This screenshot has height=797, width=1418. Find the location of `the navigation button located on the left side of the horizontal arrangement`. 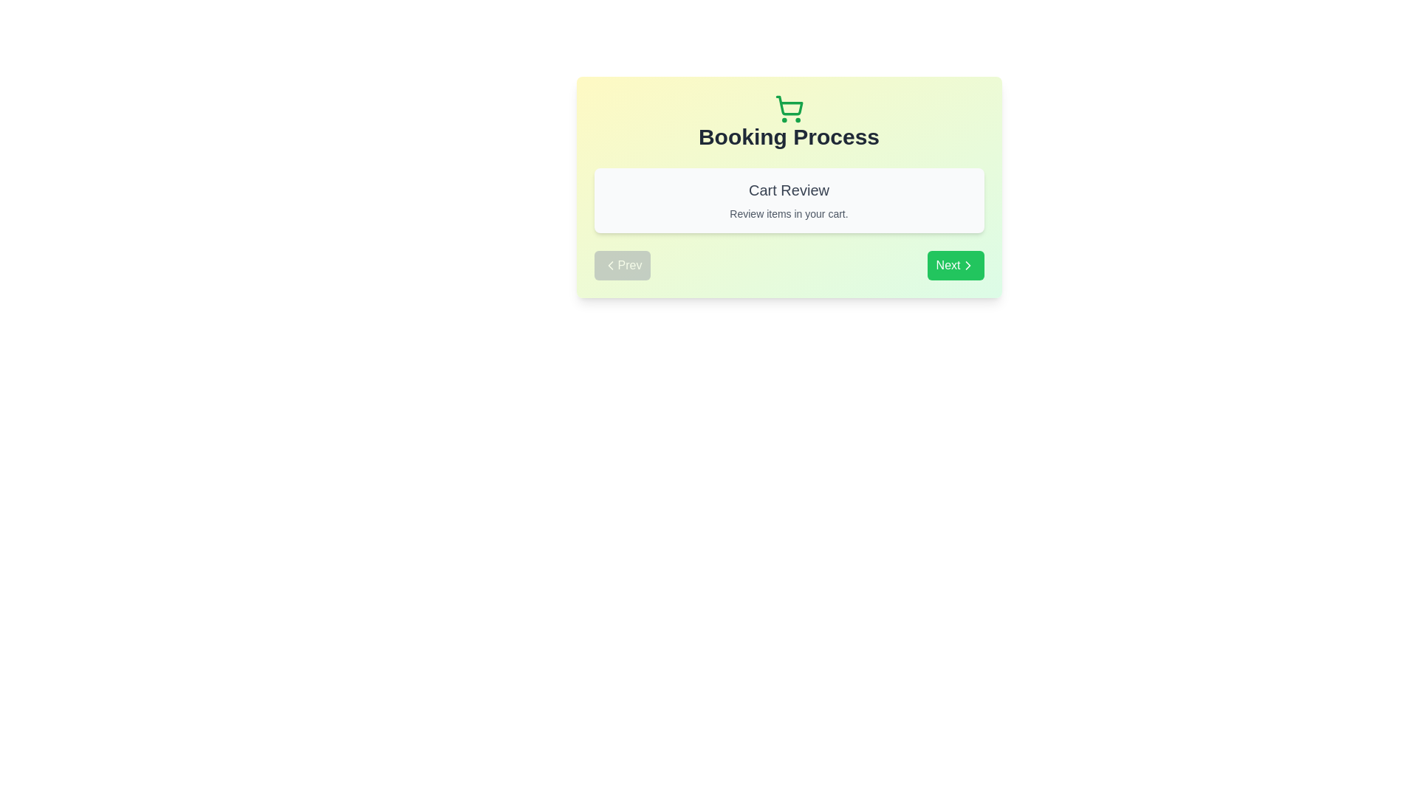

the navigation button located on the left side of the horizontal arrangement is located at coordinates (622, 264).